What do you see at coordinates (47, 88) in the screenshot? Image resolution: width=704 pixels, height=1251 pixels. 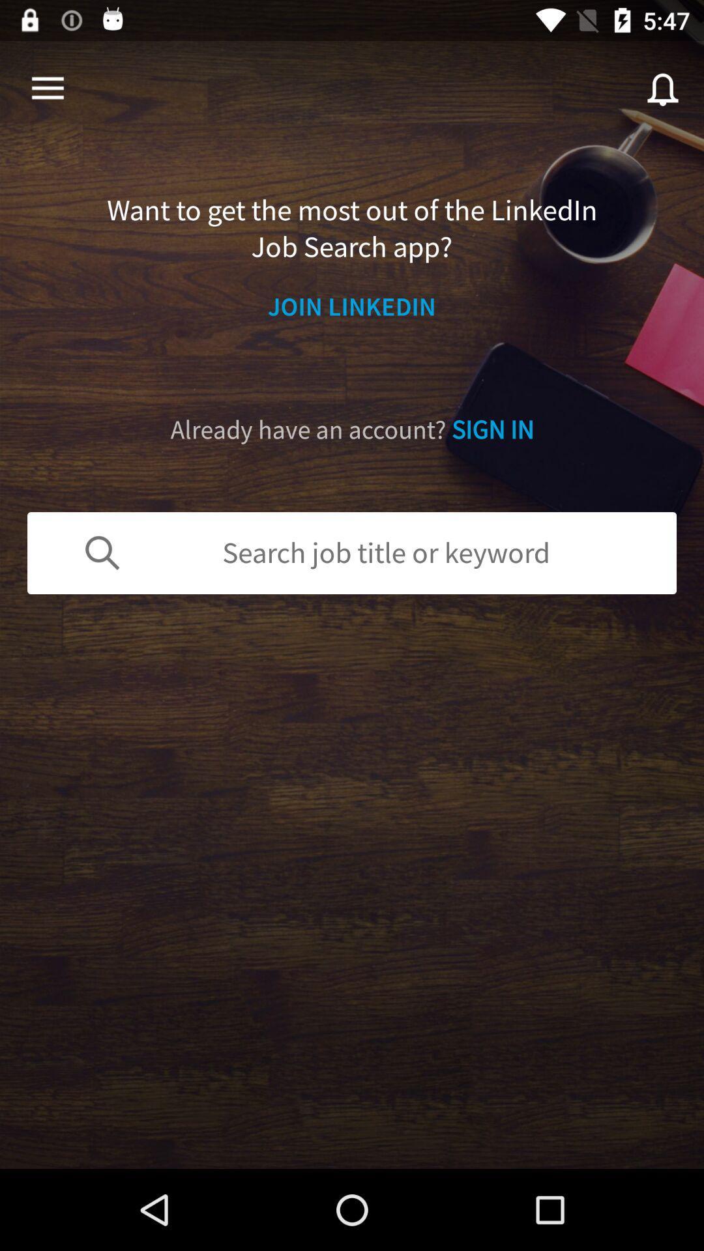 I see `item above want to get icon` at bounding box center [47, 88].